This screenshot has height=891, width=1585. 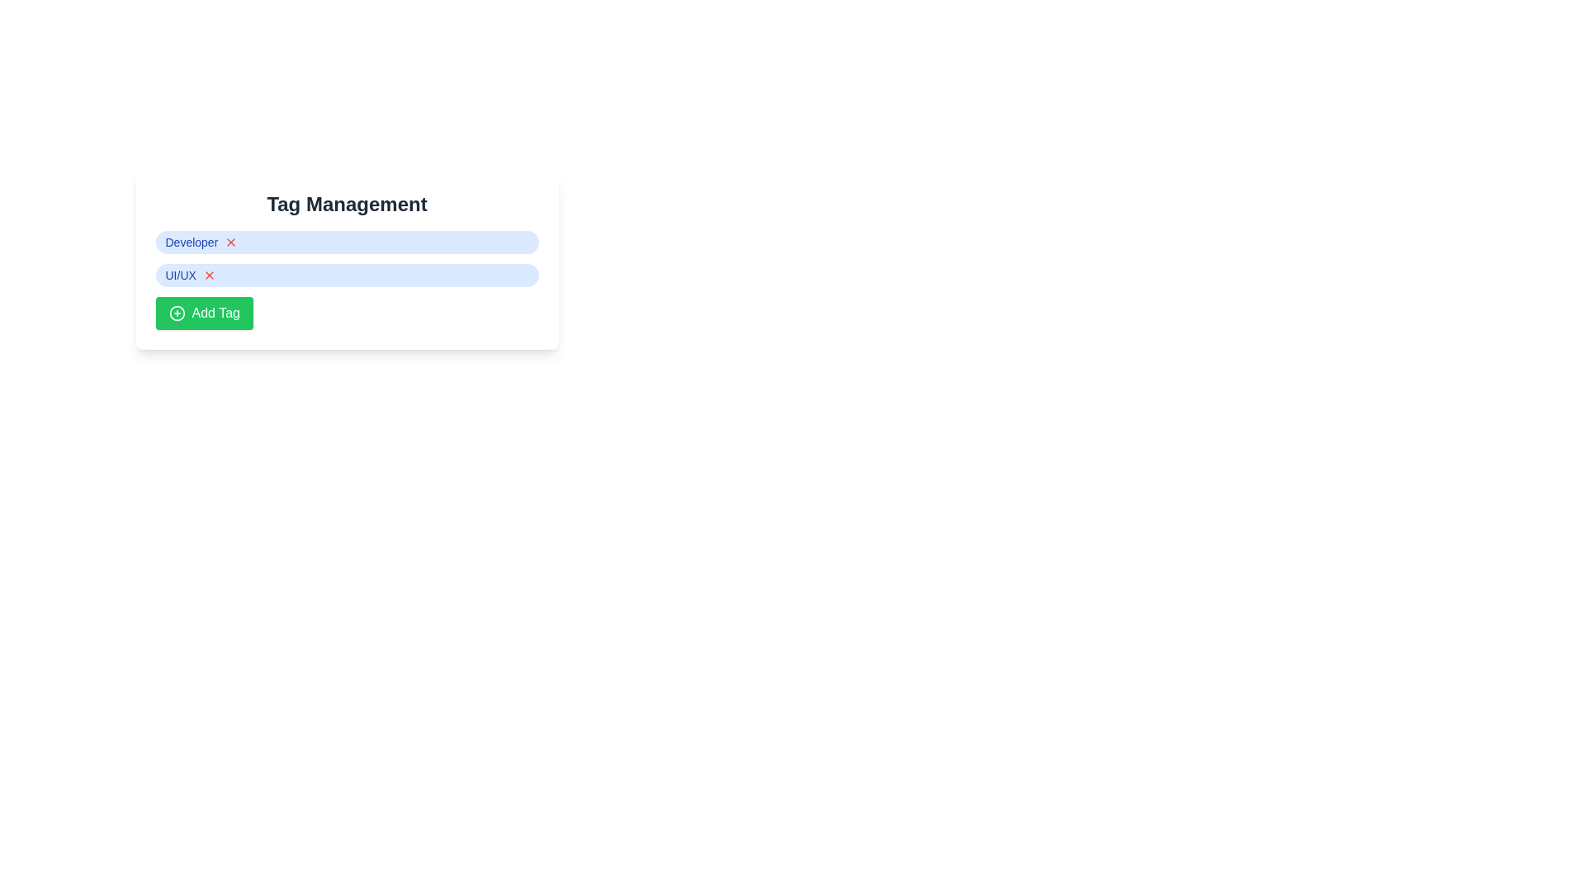 What do you see at coordinates (230, 242) in the screenshot?
I see `the close button icon associated with the 'Developer' tag` at bounding box center [230, 242].